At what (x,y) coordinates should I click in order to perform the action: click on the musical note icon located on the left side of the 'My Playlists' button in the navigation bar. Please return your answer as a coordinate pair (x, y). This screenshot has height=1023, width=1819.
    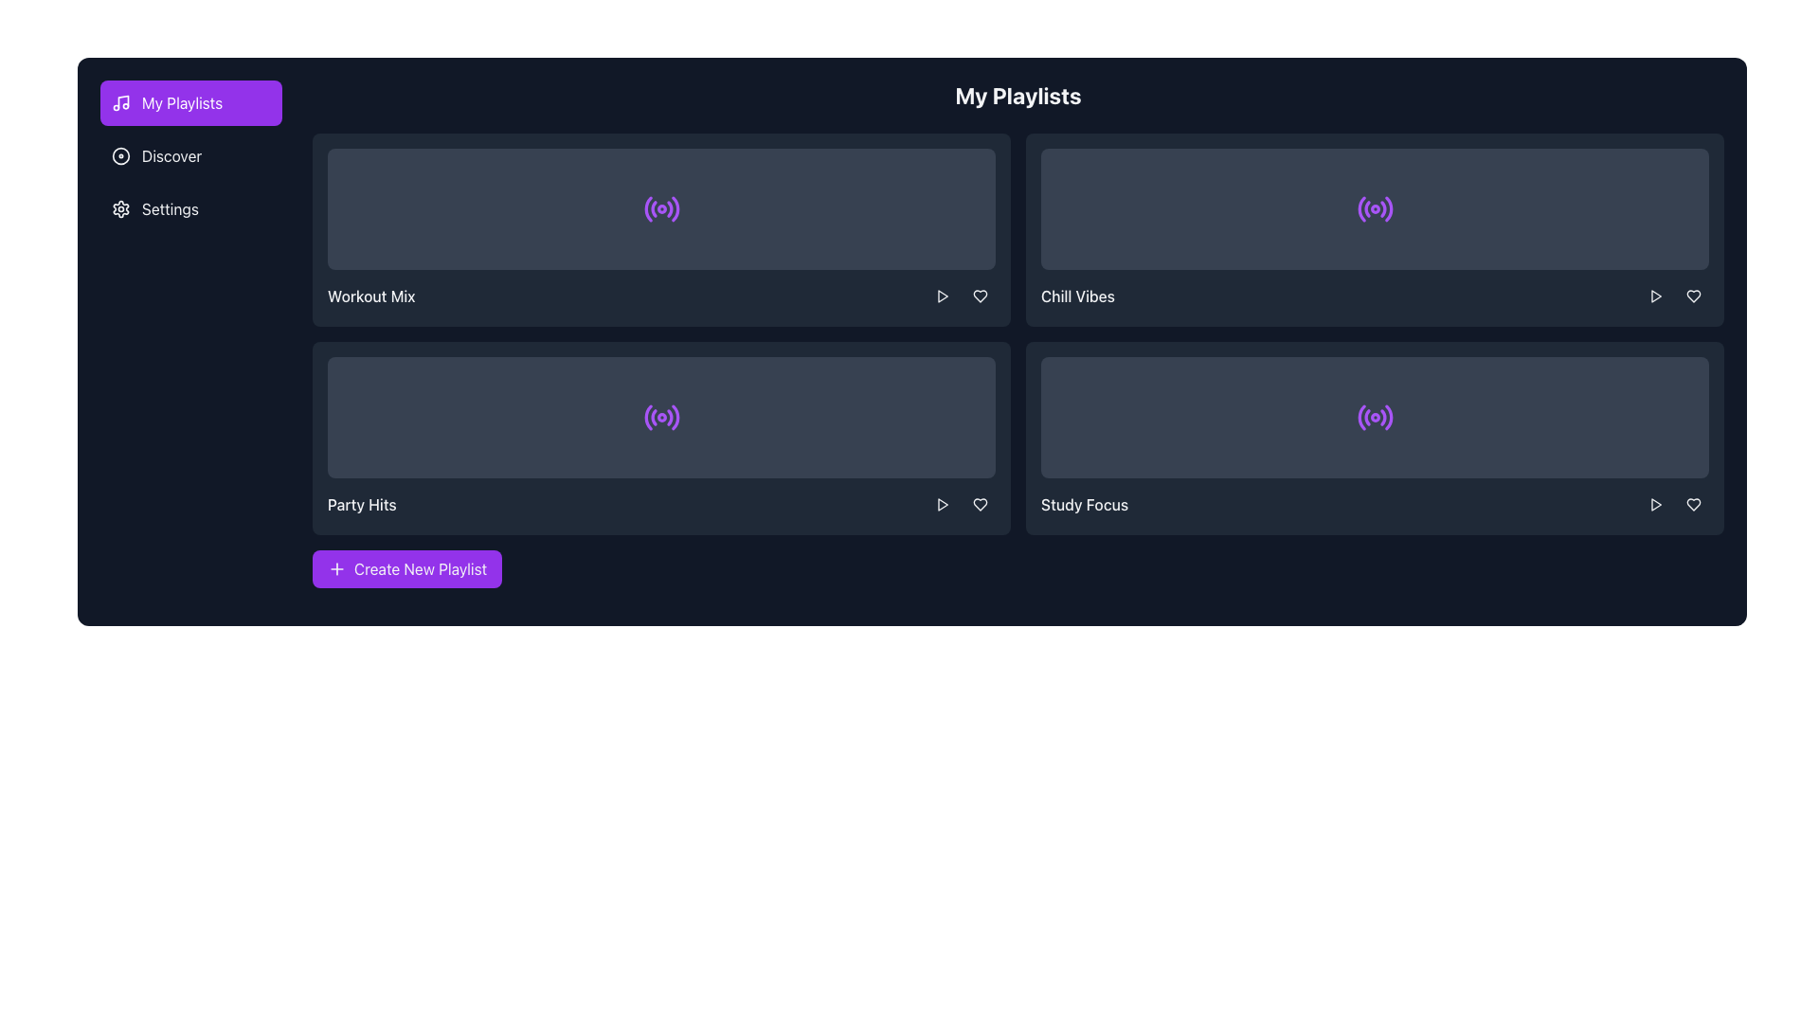
    Looking at the image, I should click on (120, 102).